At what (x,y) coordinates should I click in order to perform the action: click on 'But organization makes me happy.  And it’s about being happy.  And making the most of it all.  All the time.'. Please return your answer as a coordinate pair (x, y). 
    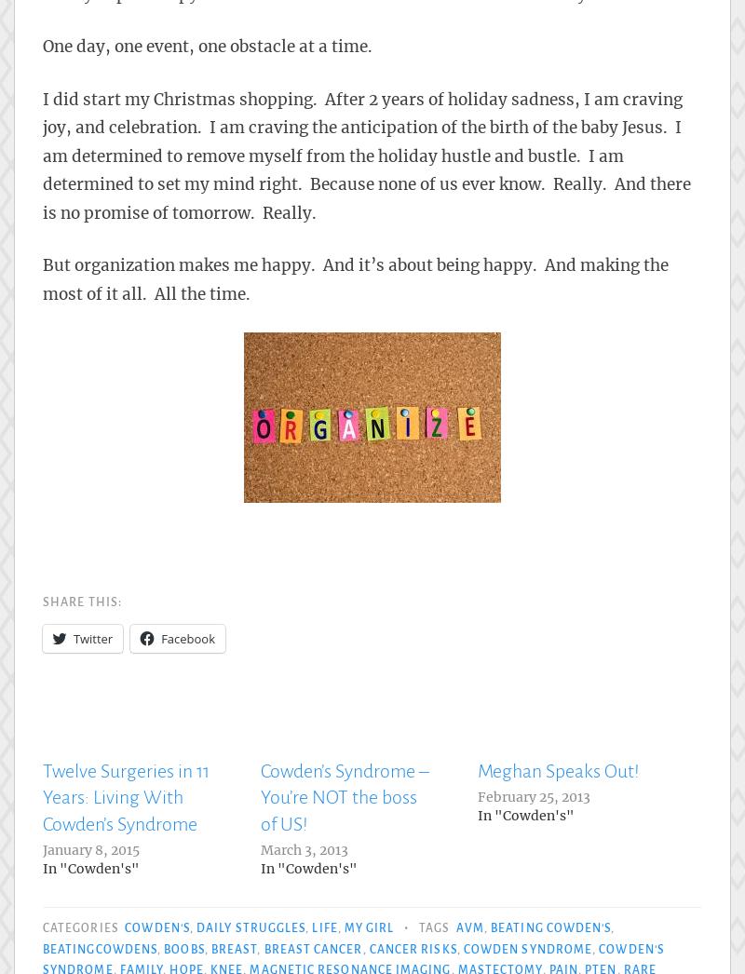
    Looking at the image, I should click on (355, 278).